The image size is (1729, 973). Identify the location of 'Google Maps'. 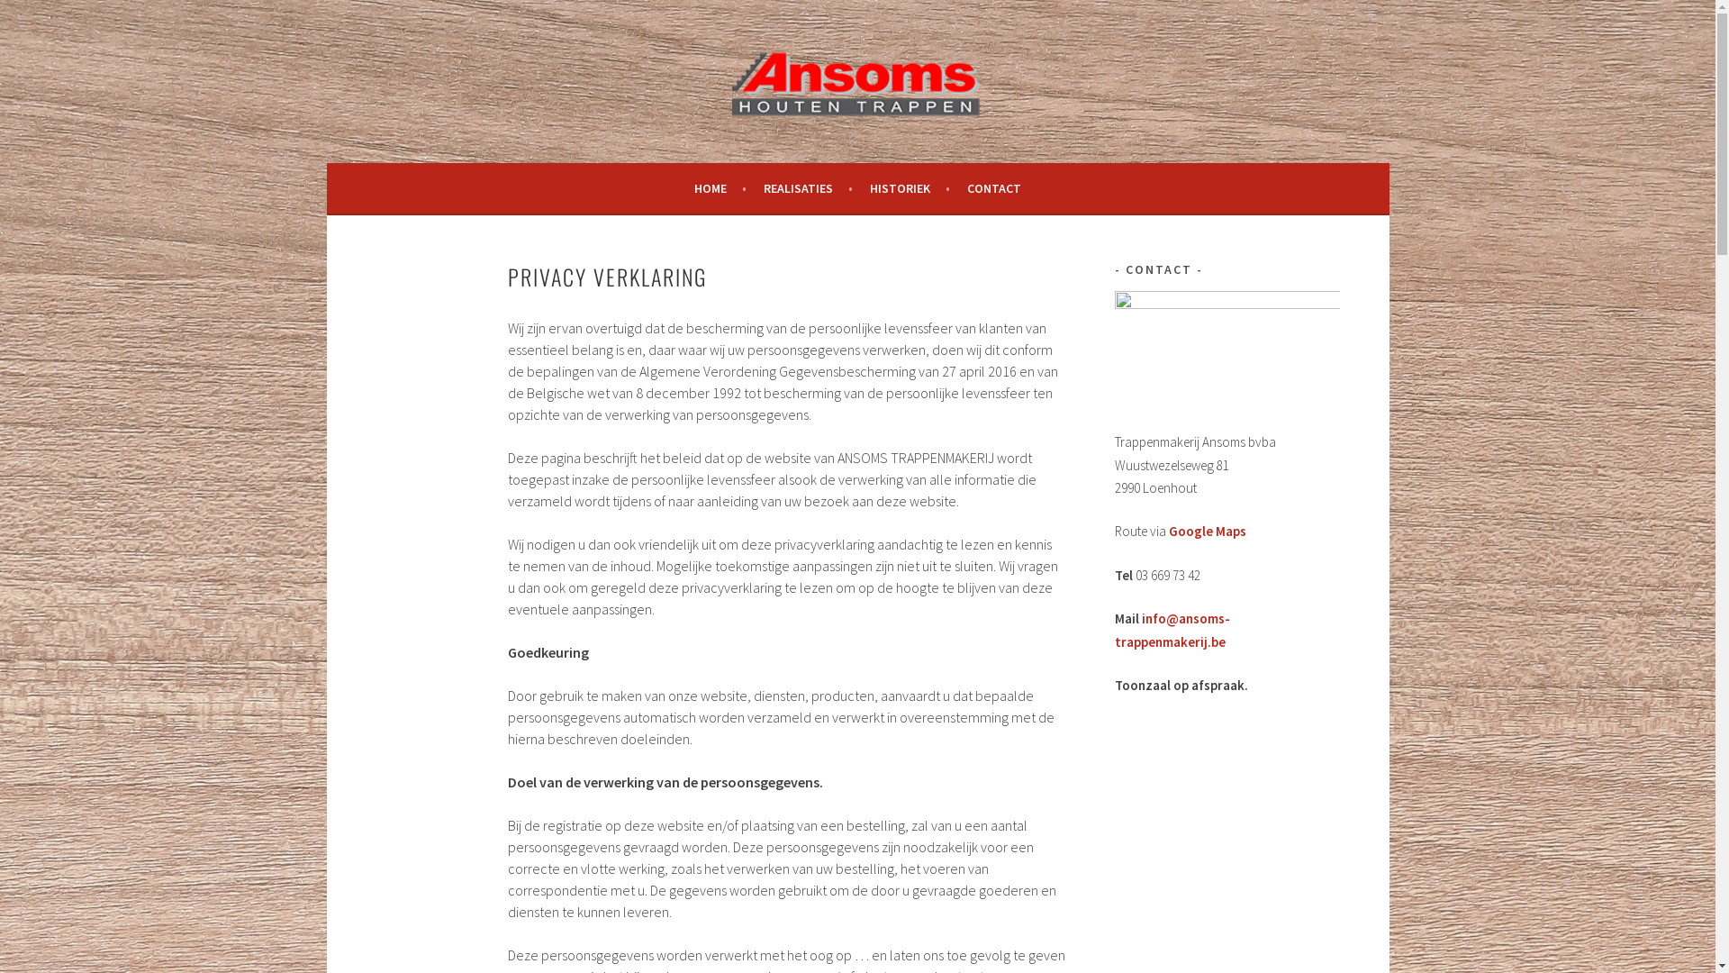
(1207, 530).